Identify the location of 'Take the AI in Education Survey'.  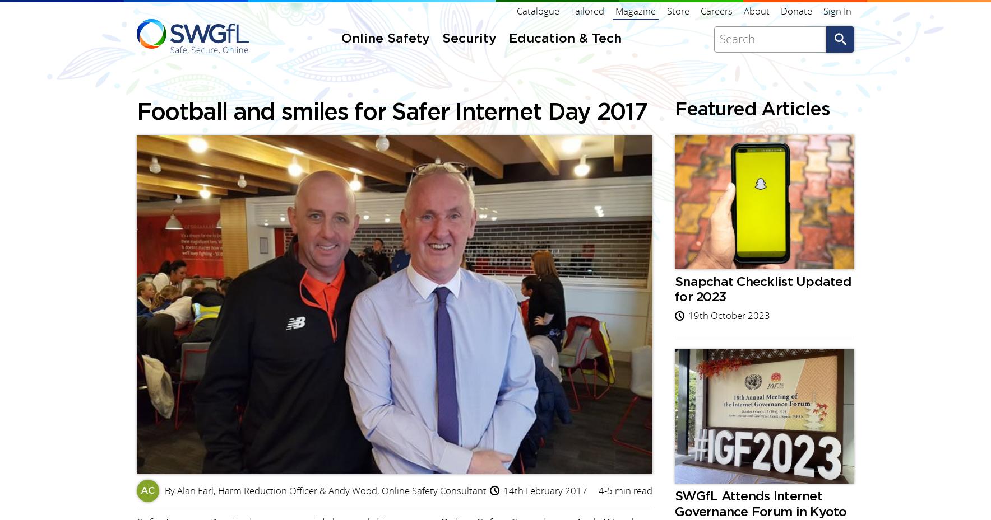
(377, 303).